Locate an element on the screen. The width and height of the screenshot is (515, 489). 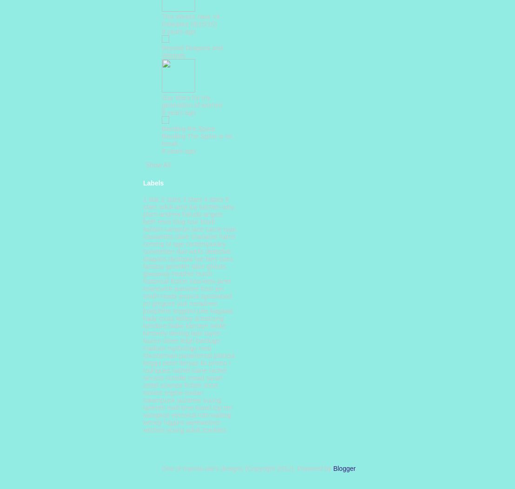
'steampunk' is located at coordinates (158, 399).